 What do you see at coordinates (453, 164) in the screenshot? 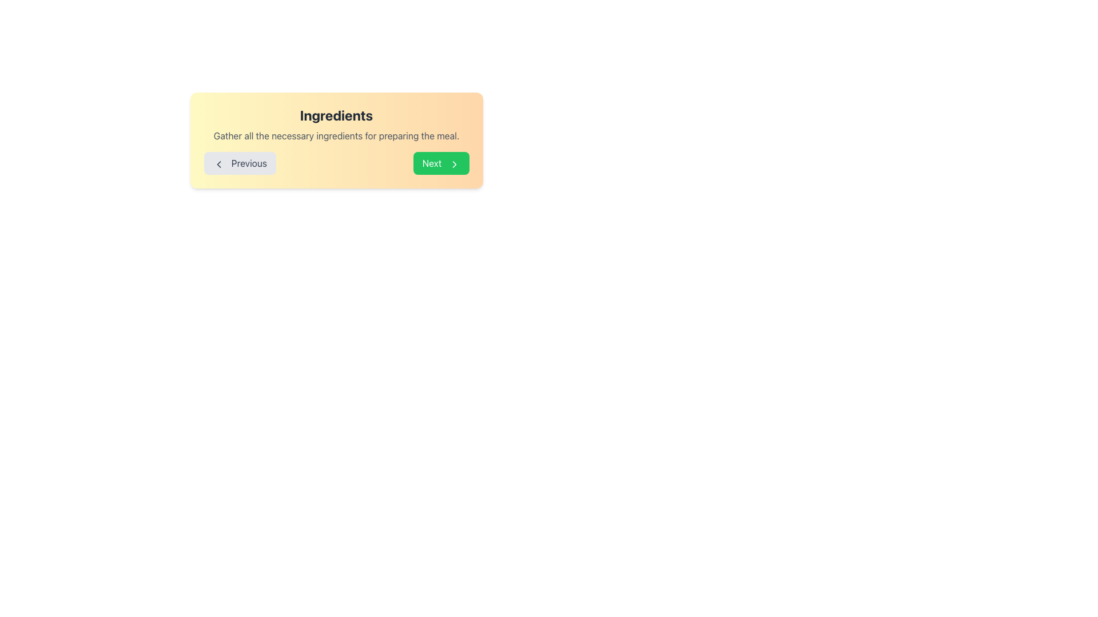
I see `the 'Next' button that contains the right-pointing arrow icon, which is styled with a green background and located in the bottom right of the 'Ingredients' section` at bounding box center [453, 164].